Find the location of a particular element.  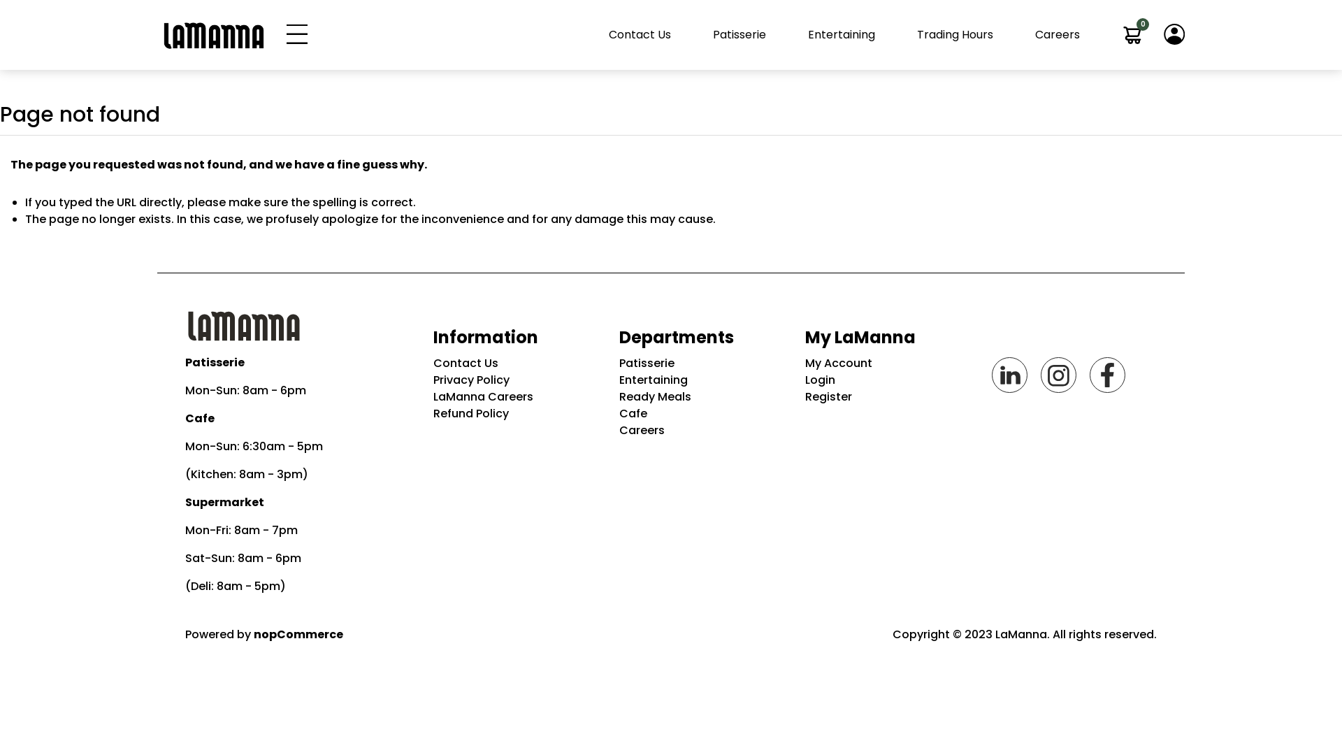

'Cafe' is located at coordinates (701, 412).